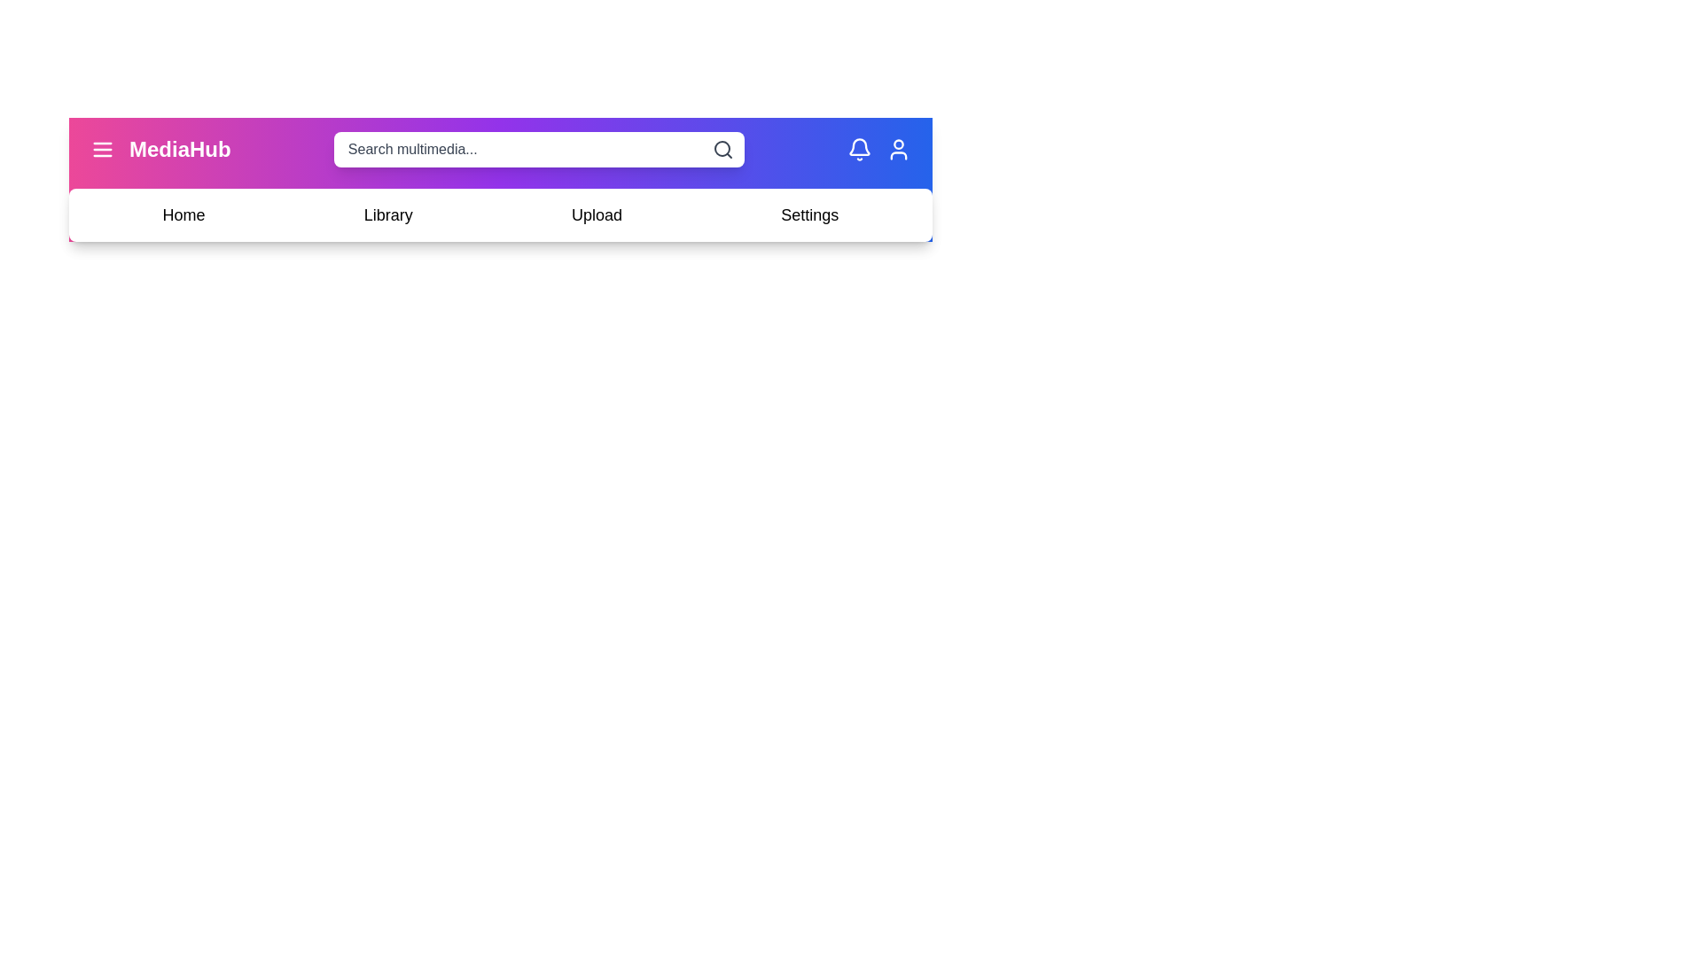 Image resolution: width=1702 pixels, height=957 pixels. I want to click on the user icon in the app bar to view the user profile, so click(898, 149).